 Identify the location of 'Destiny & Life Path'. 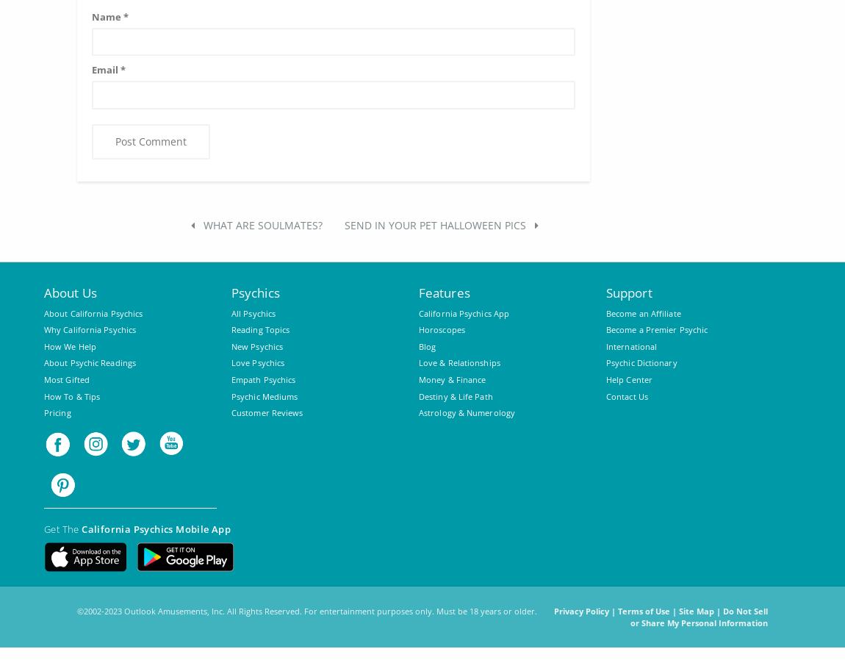
(454, 395).